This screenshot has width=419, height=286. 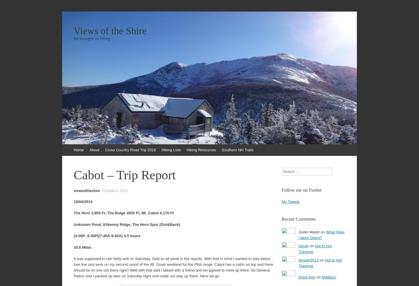 What do you see at coordinates (303, 246) in the screenshot?
I see `'Sarah'` at bounding box center [303, 246].